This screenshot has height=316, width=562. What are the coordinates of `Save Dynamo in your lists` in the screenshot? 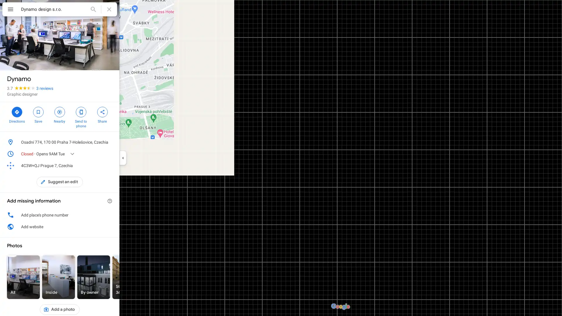 It's located at (38, 114).